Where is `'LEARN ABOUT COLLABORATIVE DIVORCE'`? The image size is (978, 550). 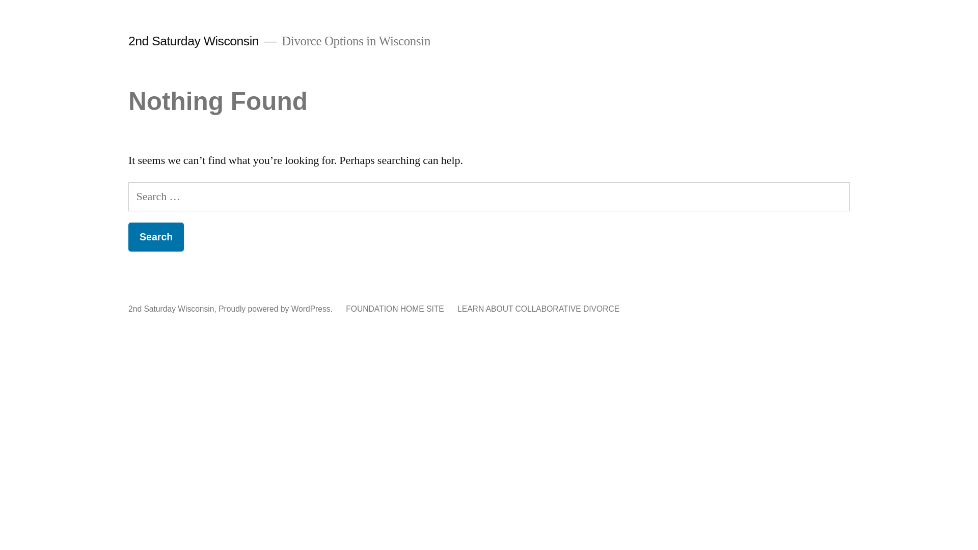 'LEARN ABOUT COLLABORATIVE DIVORCE' is located at coordinates (537, 308).